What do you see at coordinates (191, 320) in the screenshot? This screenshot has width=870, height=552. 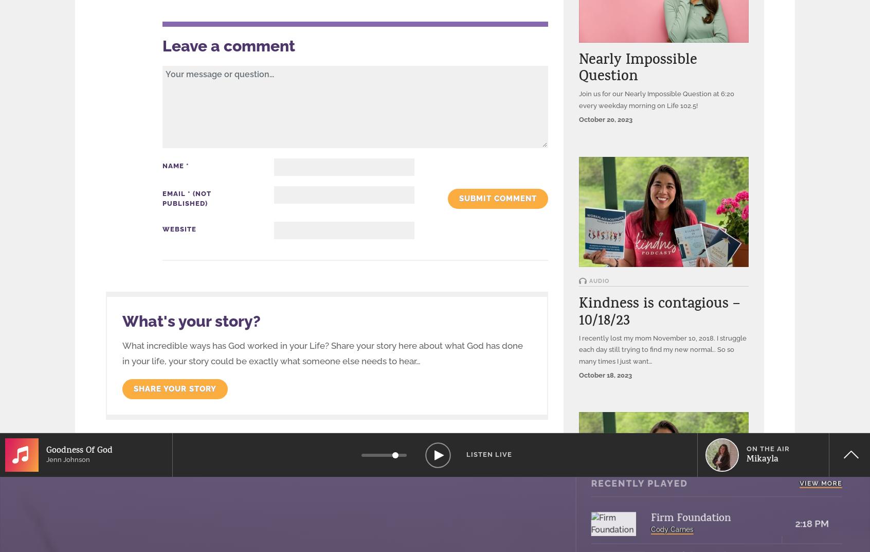 I see `'What's your story?'` at bounding box center [191, 320].